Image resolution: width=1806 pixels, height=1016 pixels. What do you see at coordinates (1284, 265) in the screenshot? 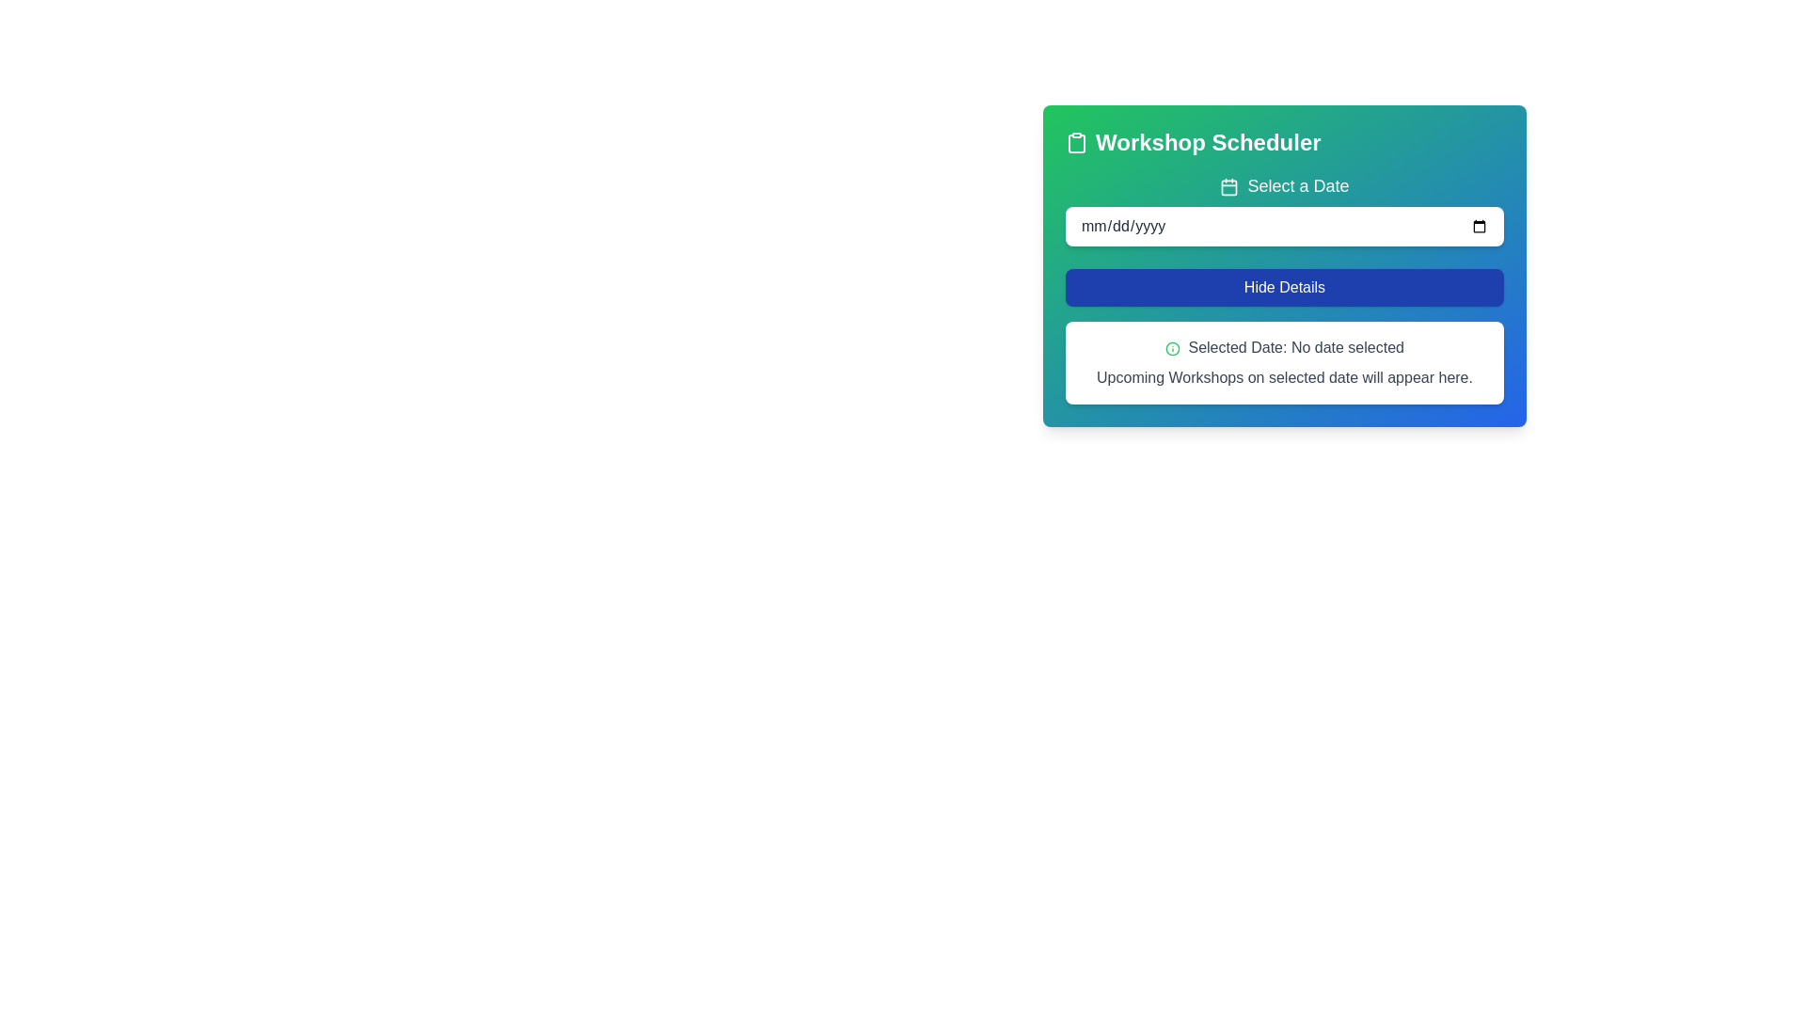
I see `information displayed on the Interactive Panel, which features a gradient background from green to blue and includes a title, date selection input, and a prominent button` at bounding box center [1284, 265].